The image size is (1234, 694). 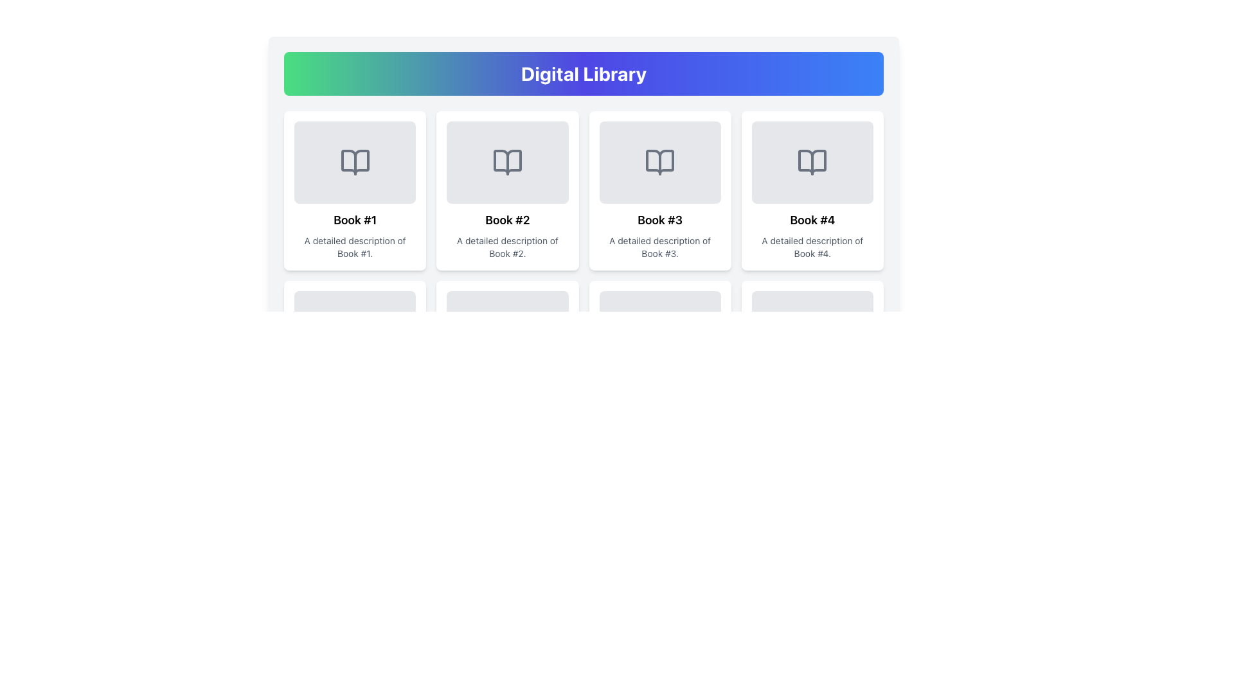 I want to click on the Information card displaying 'Book #4', which is the fourth card in the grid layout, located in the first row and fourth column, so click(x=812, y=191).